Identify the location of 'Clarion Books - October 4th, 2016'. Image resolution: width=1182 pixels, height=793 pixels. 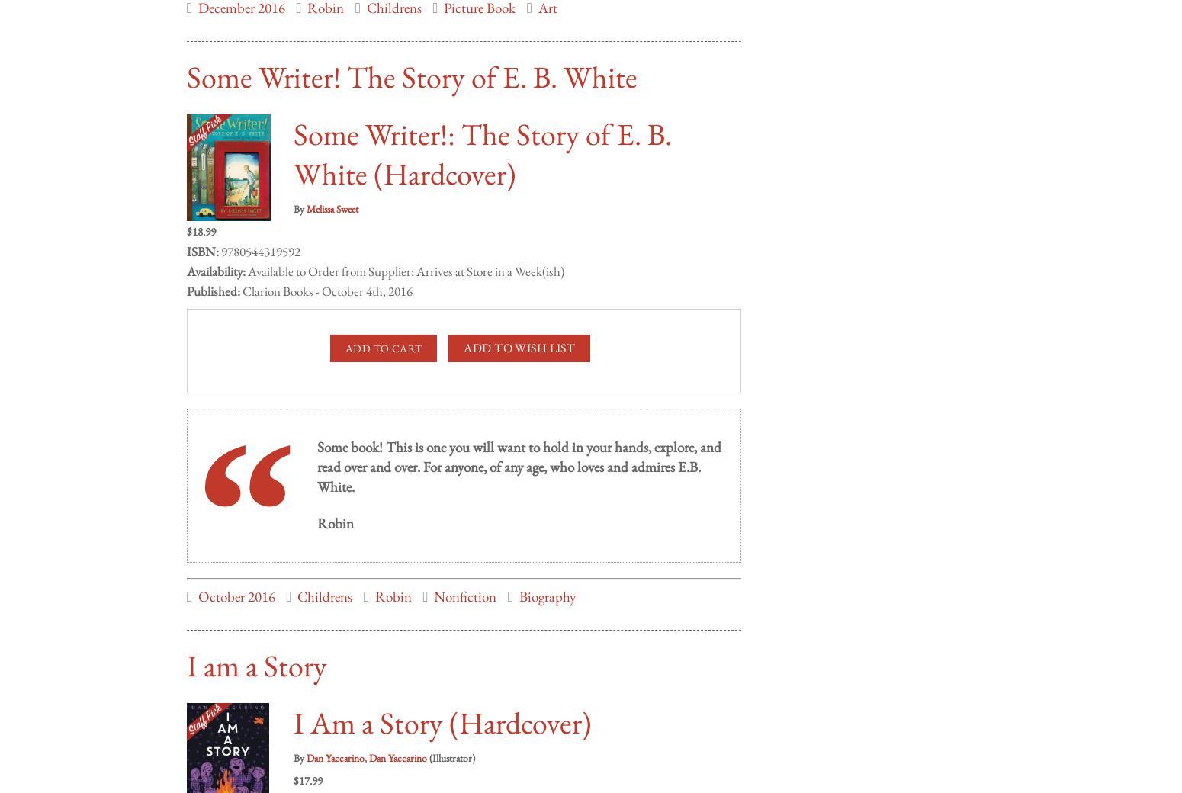
(326, 275).